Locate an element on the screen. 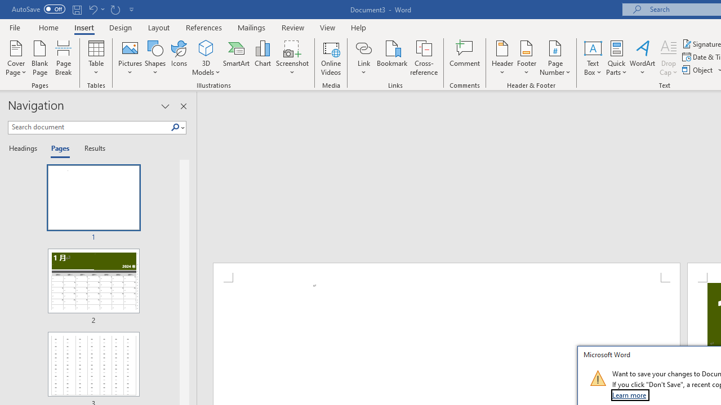 Image resolution: width=721 pixels, height=405 pixels. 'Headings' is located at coordinates (25, 148).